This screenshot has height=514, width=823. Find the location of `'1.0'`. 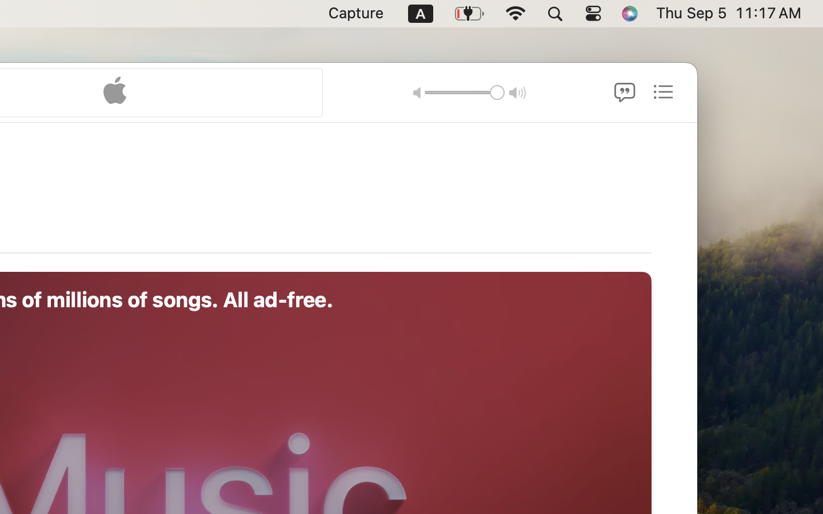

'1.0' is located at coordinates (464, 92).